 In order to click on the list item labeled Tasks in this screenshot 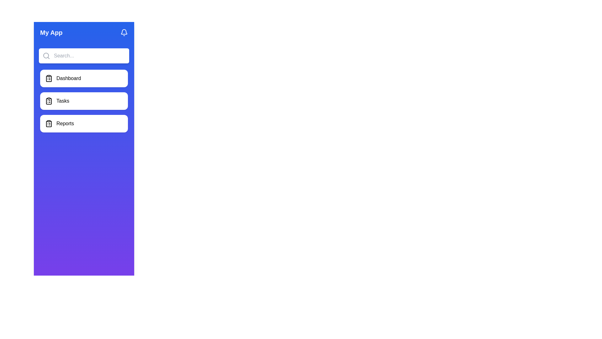, I will do `click(84, 100)`.